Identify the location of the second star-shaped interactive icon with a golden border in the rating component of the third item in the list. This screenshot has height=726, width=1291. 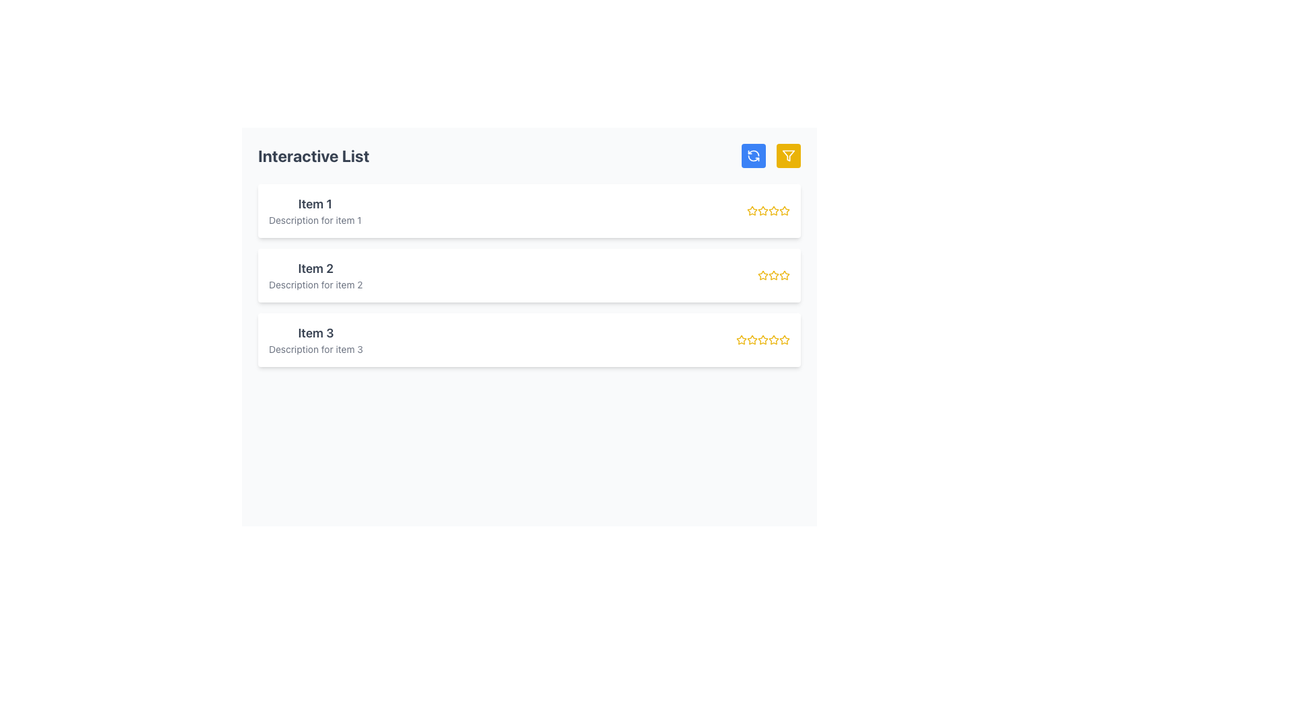
(762, 339).